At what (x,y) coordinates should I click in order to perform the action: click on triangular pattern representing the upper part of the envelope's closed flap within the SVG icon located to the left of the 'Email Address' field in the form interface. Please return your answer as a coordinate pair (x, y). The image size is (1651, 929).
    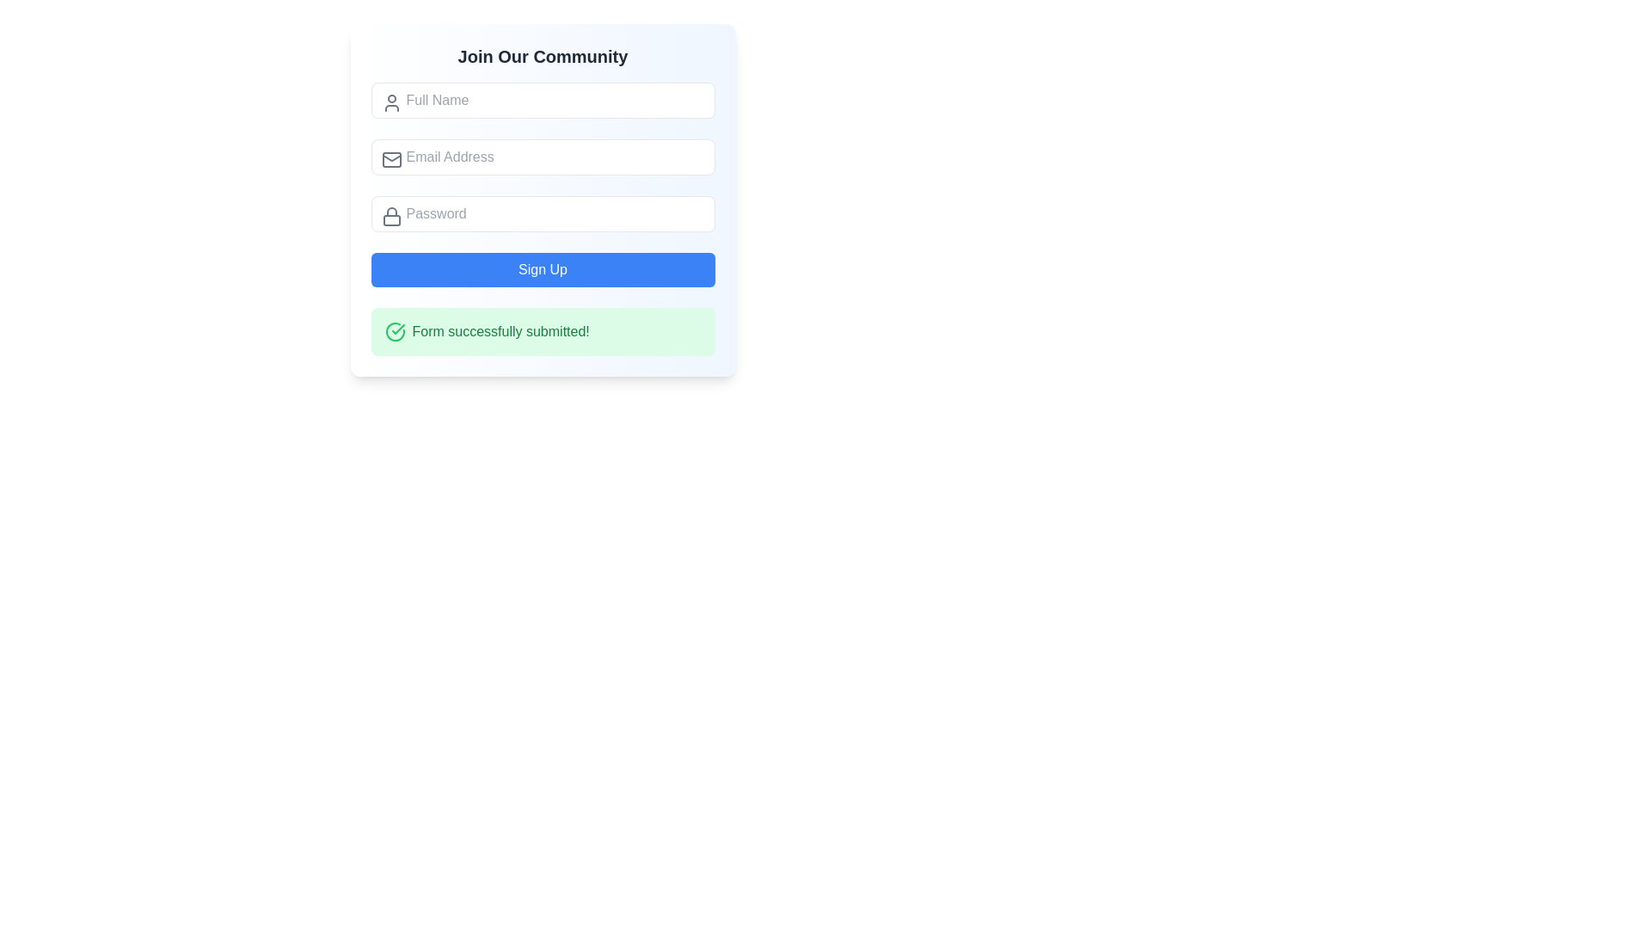
    Looking at the image, I should click on (390, 158).